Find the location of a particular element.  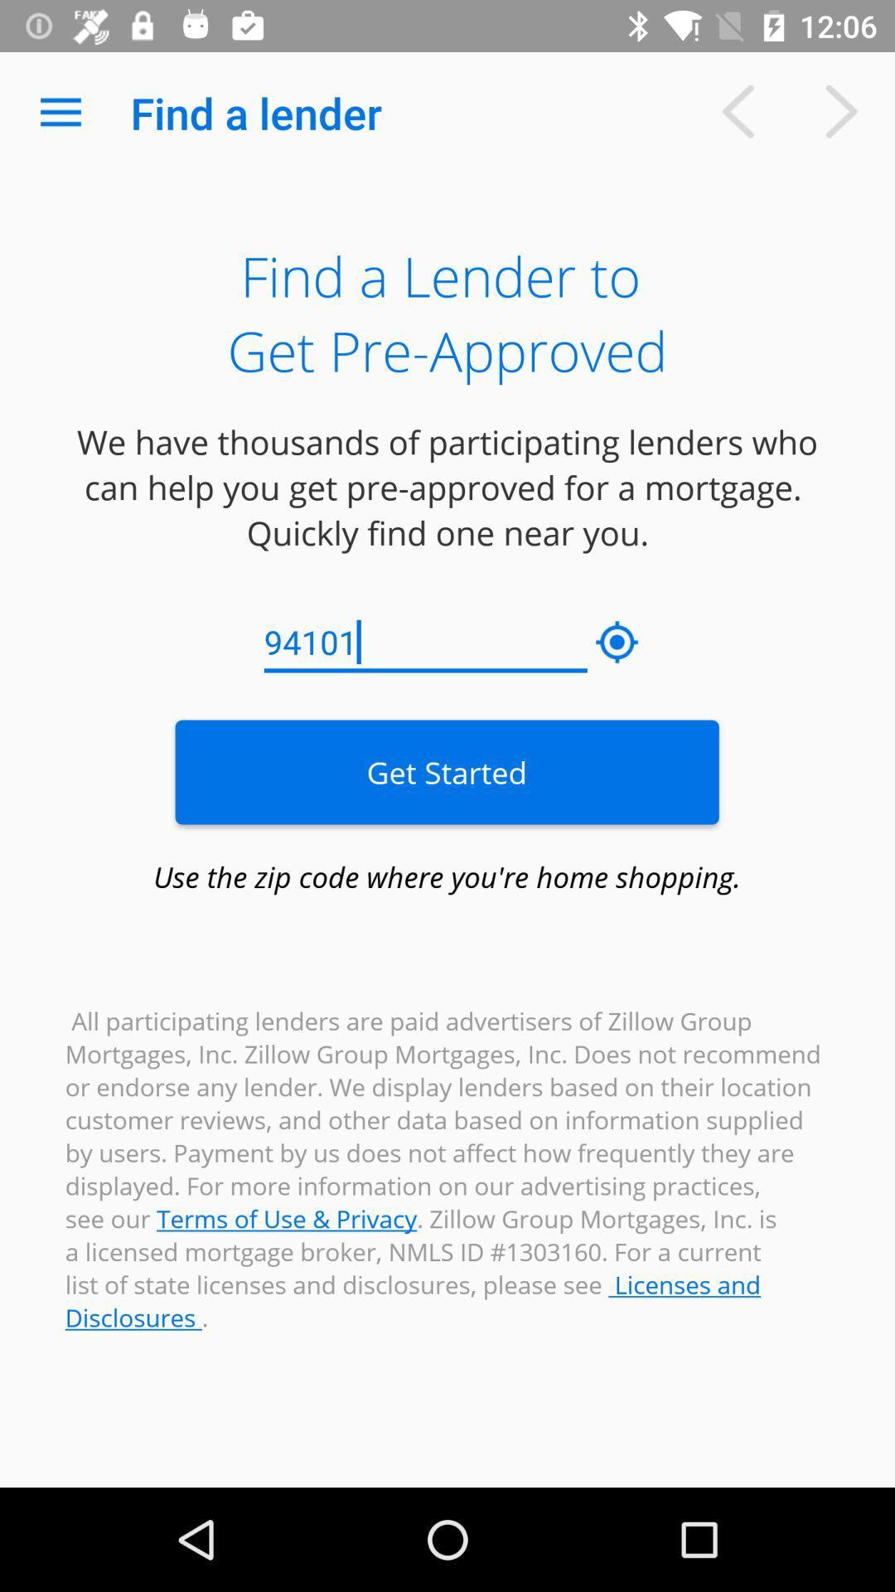

icon above the get started is located at coordinates (617, 642).